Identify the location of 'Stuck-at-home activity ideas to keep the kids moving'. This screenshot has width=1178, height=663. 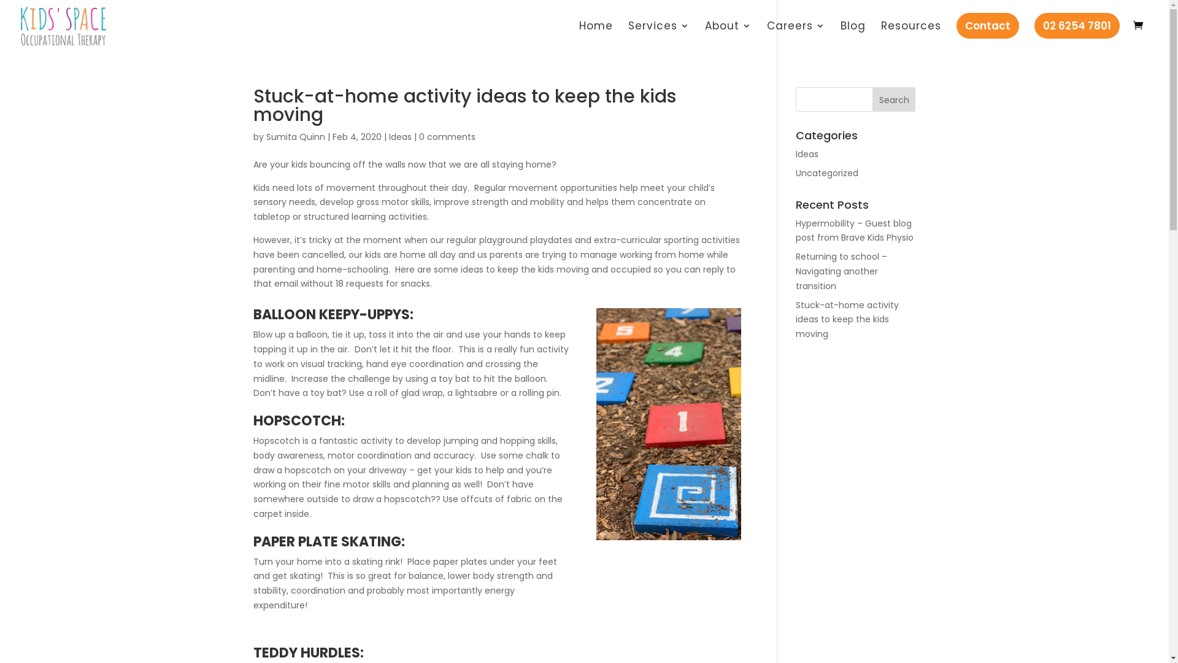
(847, 319).